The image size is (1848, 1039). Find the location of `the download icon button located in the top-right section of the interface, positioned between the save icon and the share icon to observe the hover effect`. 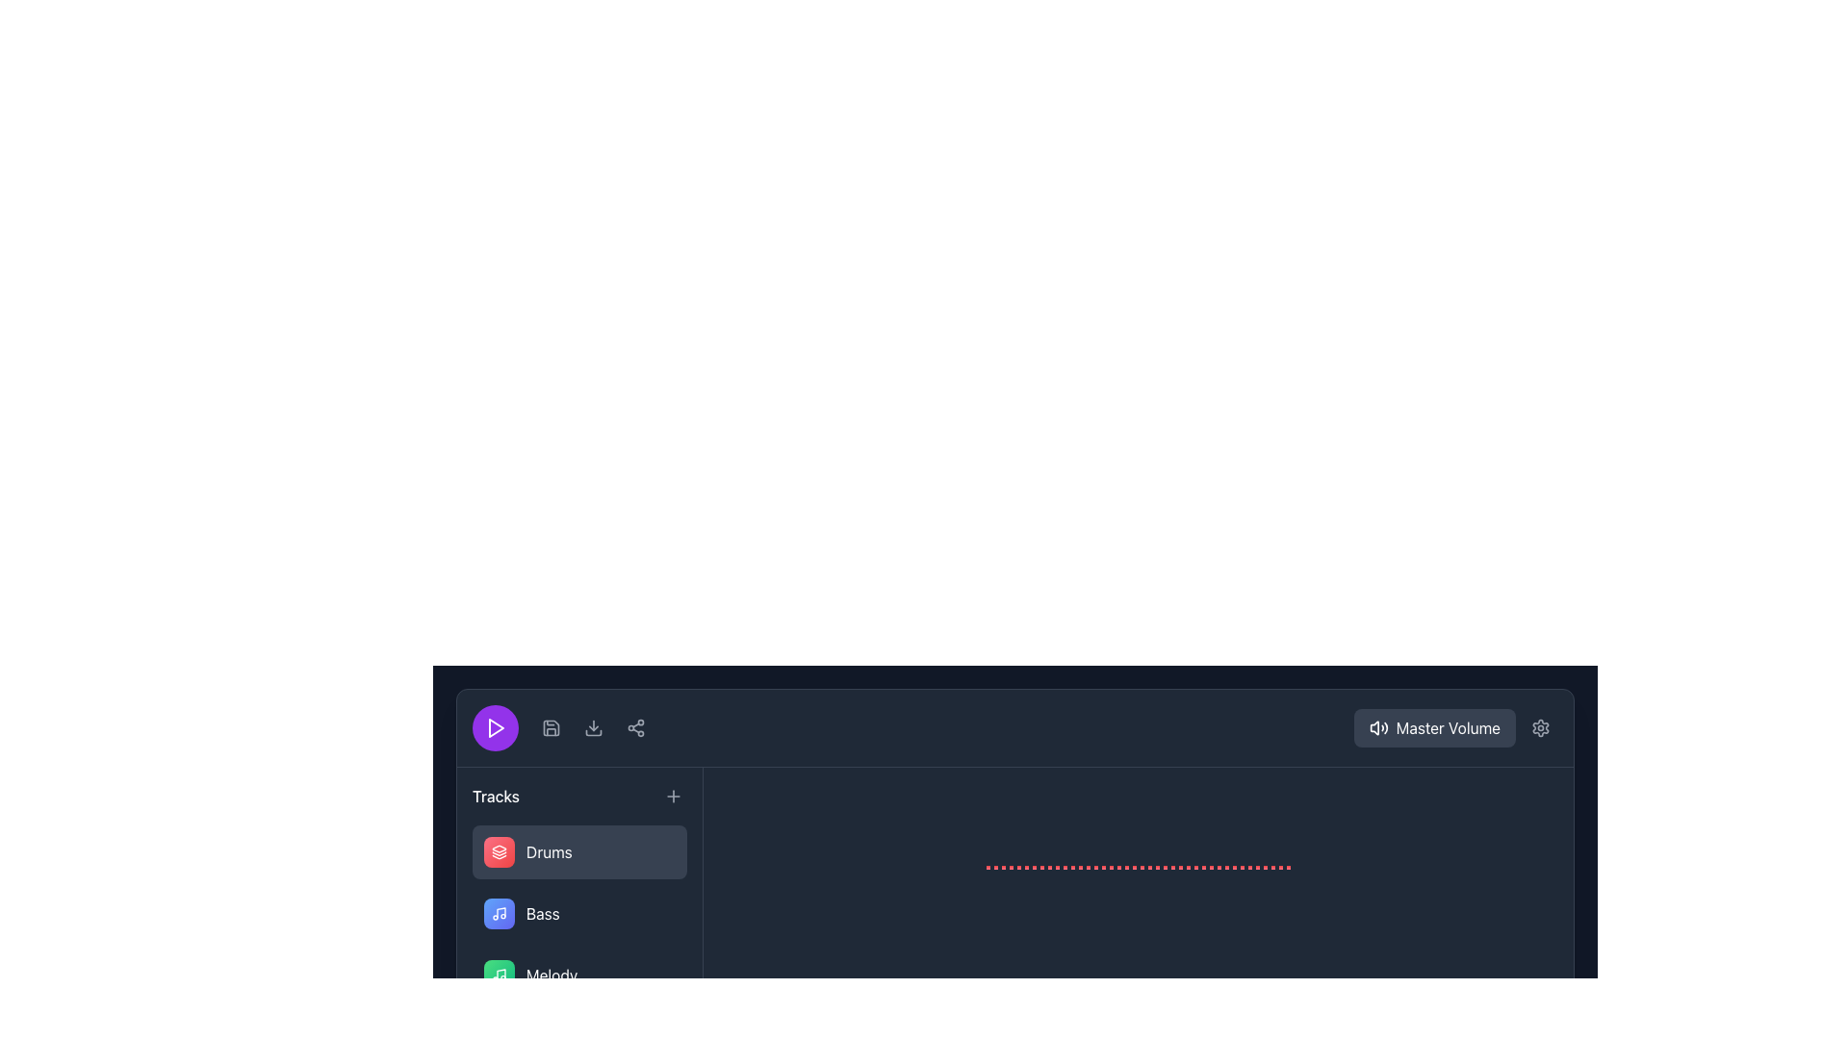

the download icon button located in the top-right section of the interface, positioned between the save icon and the share icon to observe the hover effect is located at coordinates (593, 727).